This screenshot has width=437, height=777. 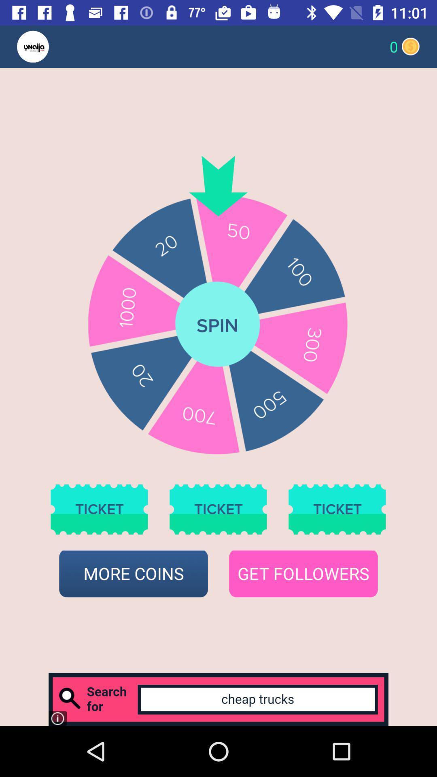 I want to click on item to the left of get followers icon, so click(x=133, y=573).